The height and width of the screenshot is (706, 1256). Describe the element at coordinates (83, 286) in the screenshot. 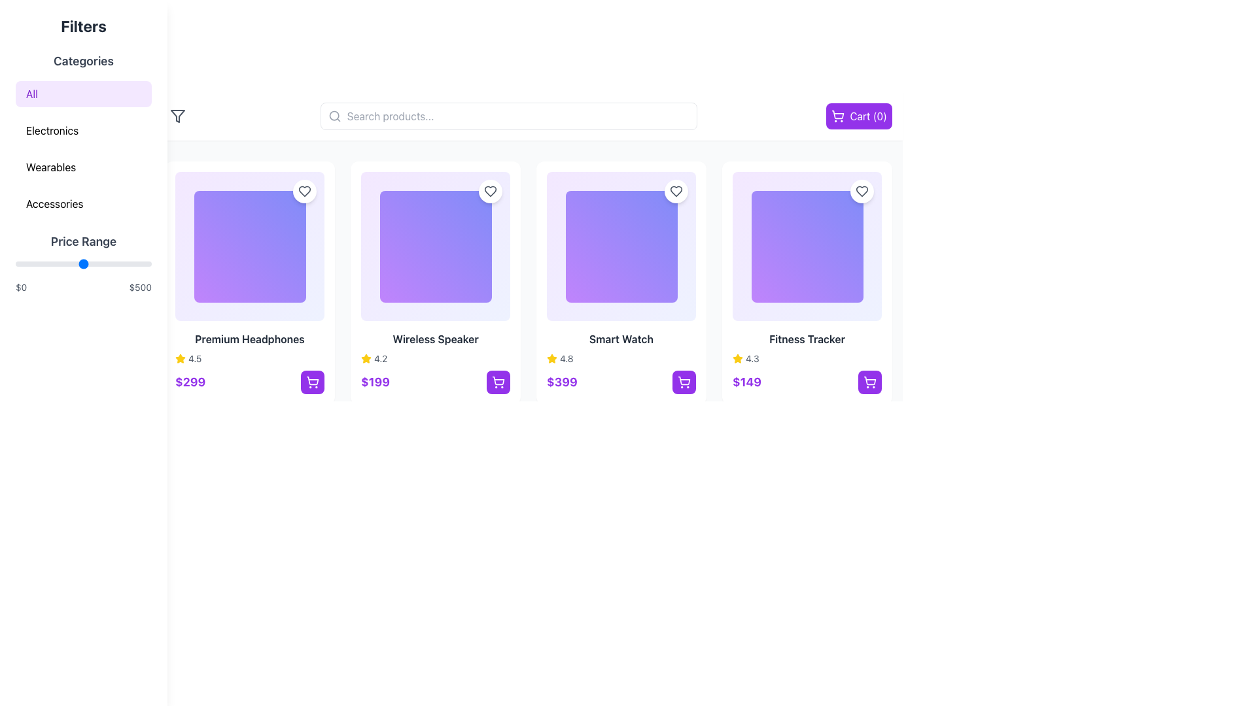

I see `text label displaying the minimum and maximum price range values '$0' and '$500' located in the 'Price Range' filter section, positioned below the title 'Price Range' and the horizontal slider` at that location.